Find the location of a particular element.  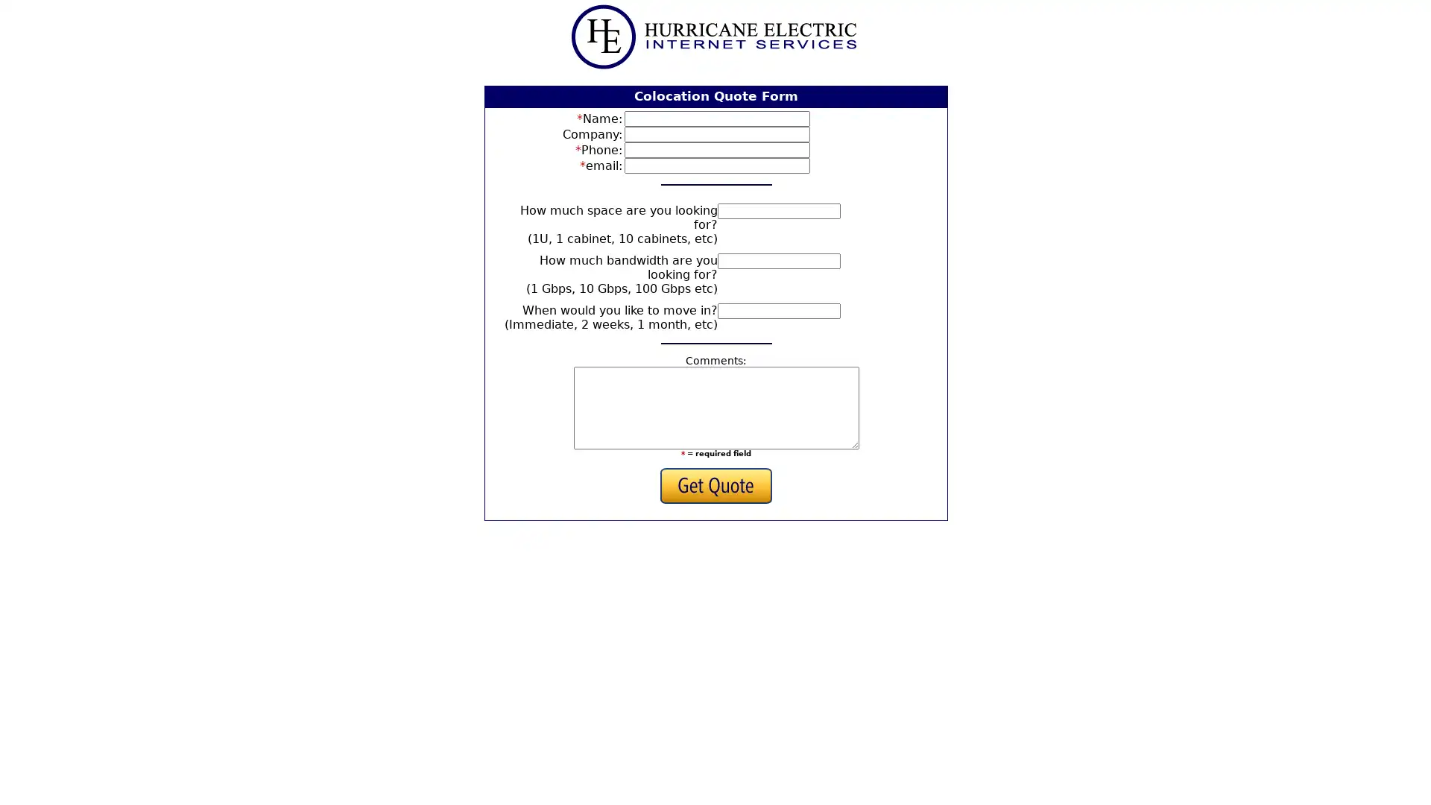

Get Quote is located at coordinates (715, 485).